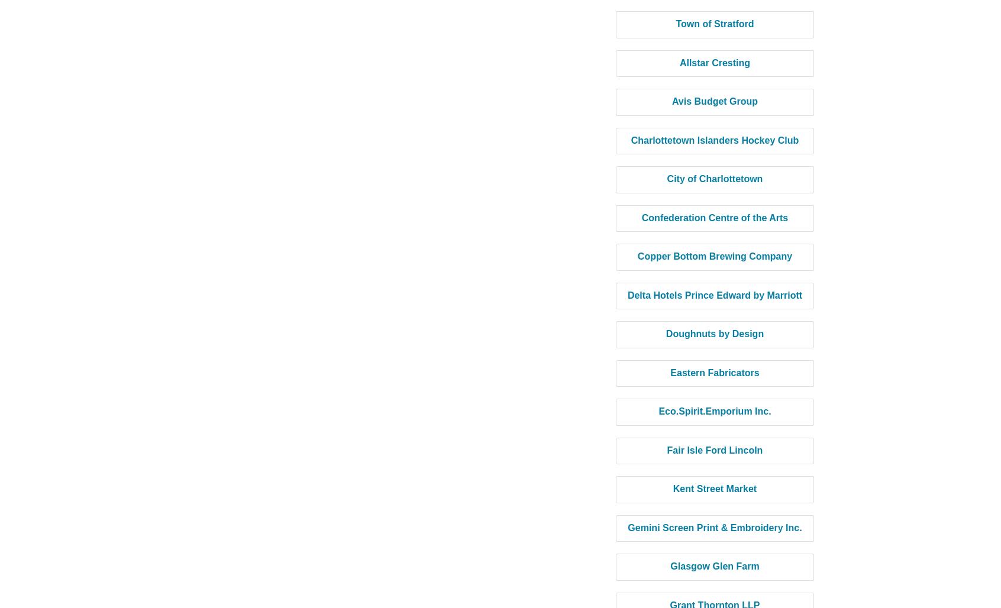 This screenshot has width=1001, height=608. I want to click on 'Eco.Spirit.Emporium Inc.', so click(714, 411).